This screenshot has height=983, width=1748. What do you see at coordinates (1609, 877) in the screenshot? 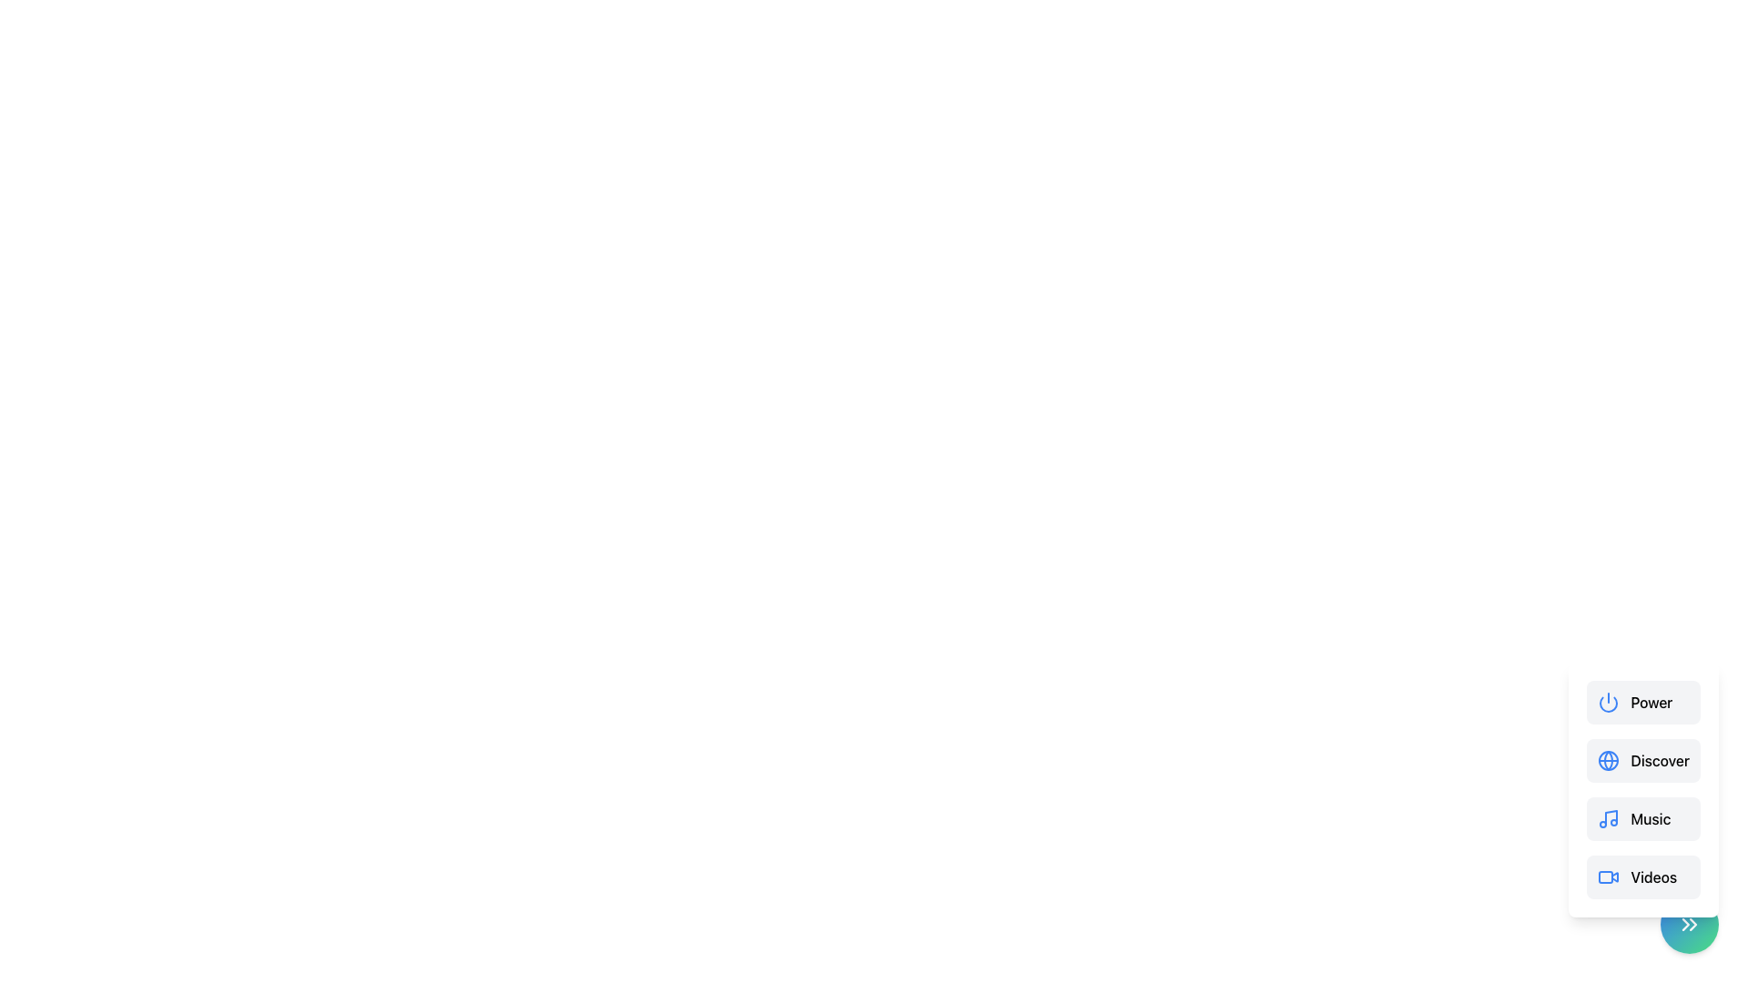
I see `the video camera icon with a blue outline located adjacent to the text 'Videos' within the rectangular button at the bottom of the vertical stack of action buttons` at bounding box center [1609, 877].